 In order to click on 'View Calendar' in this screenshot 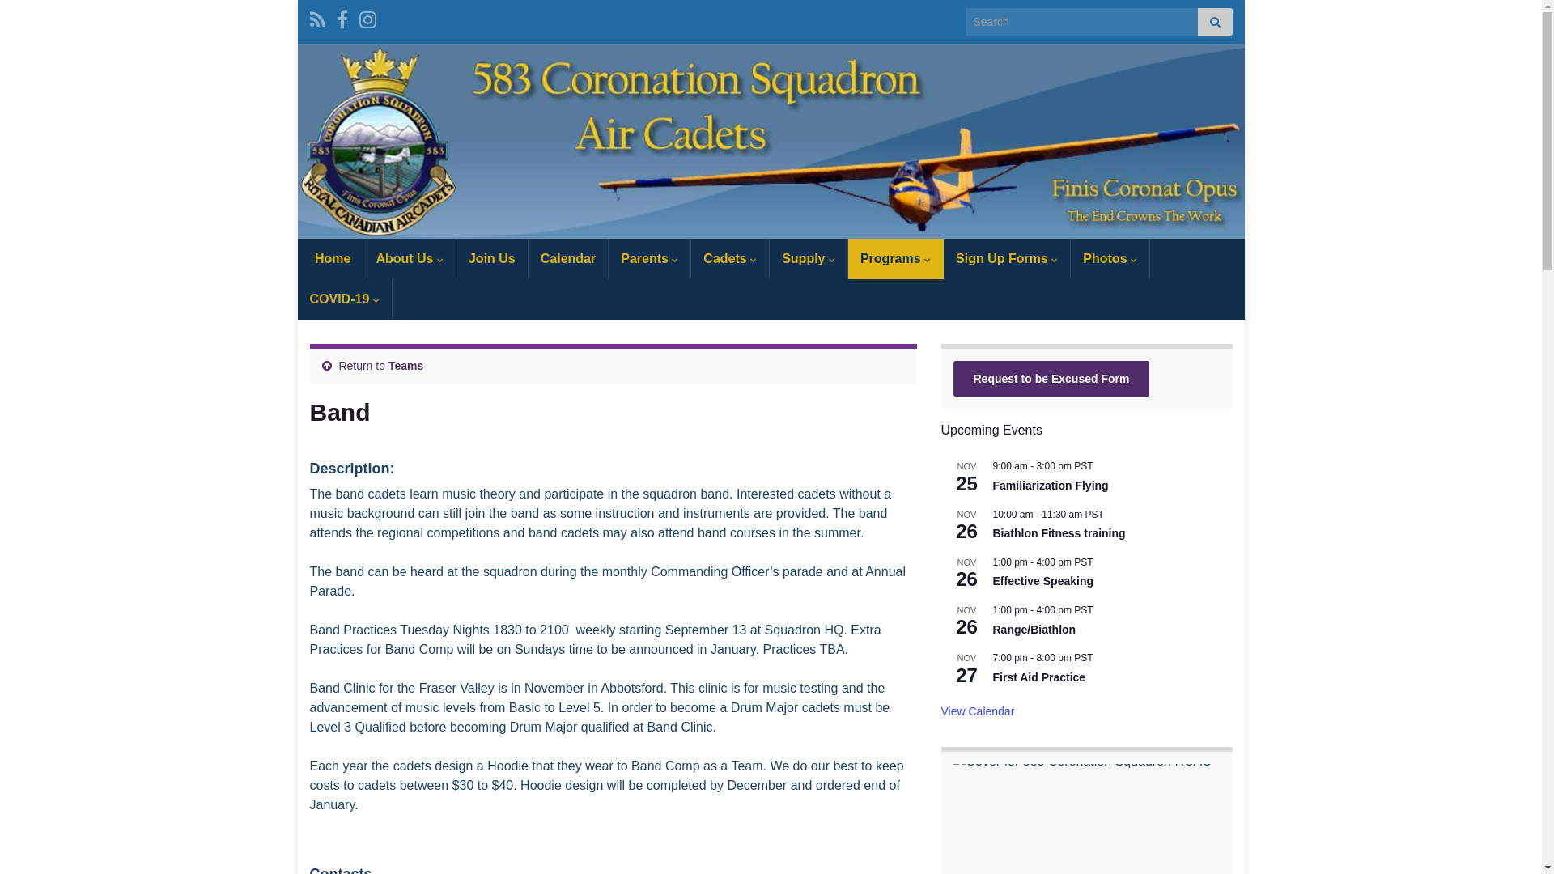, I will do `click(976, 711)`.